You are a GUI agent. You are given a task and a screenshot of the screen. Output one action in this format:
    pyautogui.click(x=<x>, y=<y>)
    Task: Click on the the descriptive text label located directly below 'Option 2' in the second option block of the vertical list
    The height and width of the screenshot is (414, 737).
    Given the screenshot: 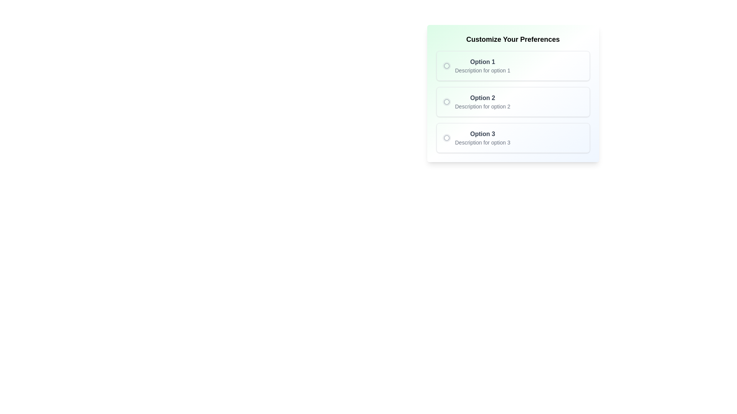 What is the action you would take?
    pyautogui.click(x=482, y=106)
    